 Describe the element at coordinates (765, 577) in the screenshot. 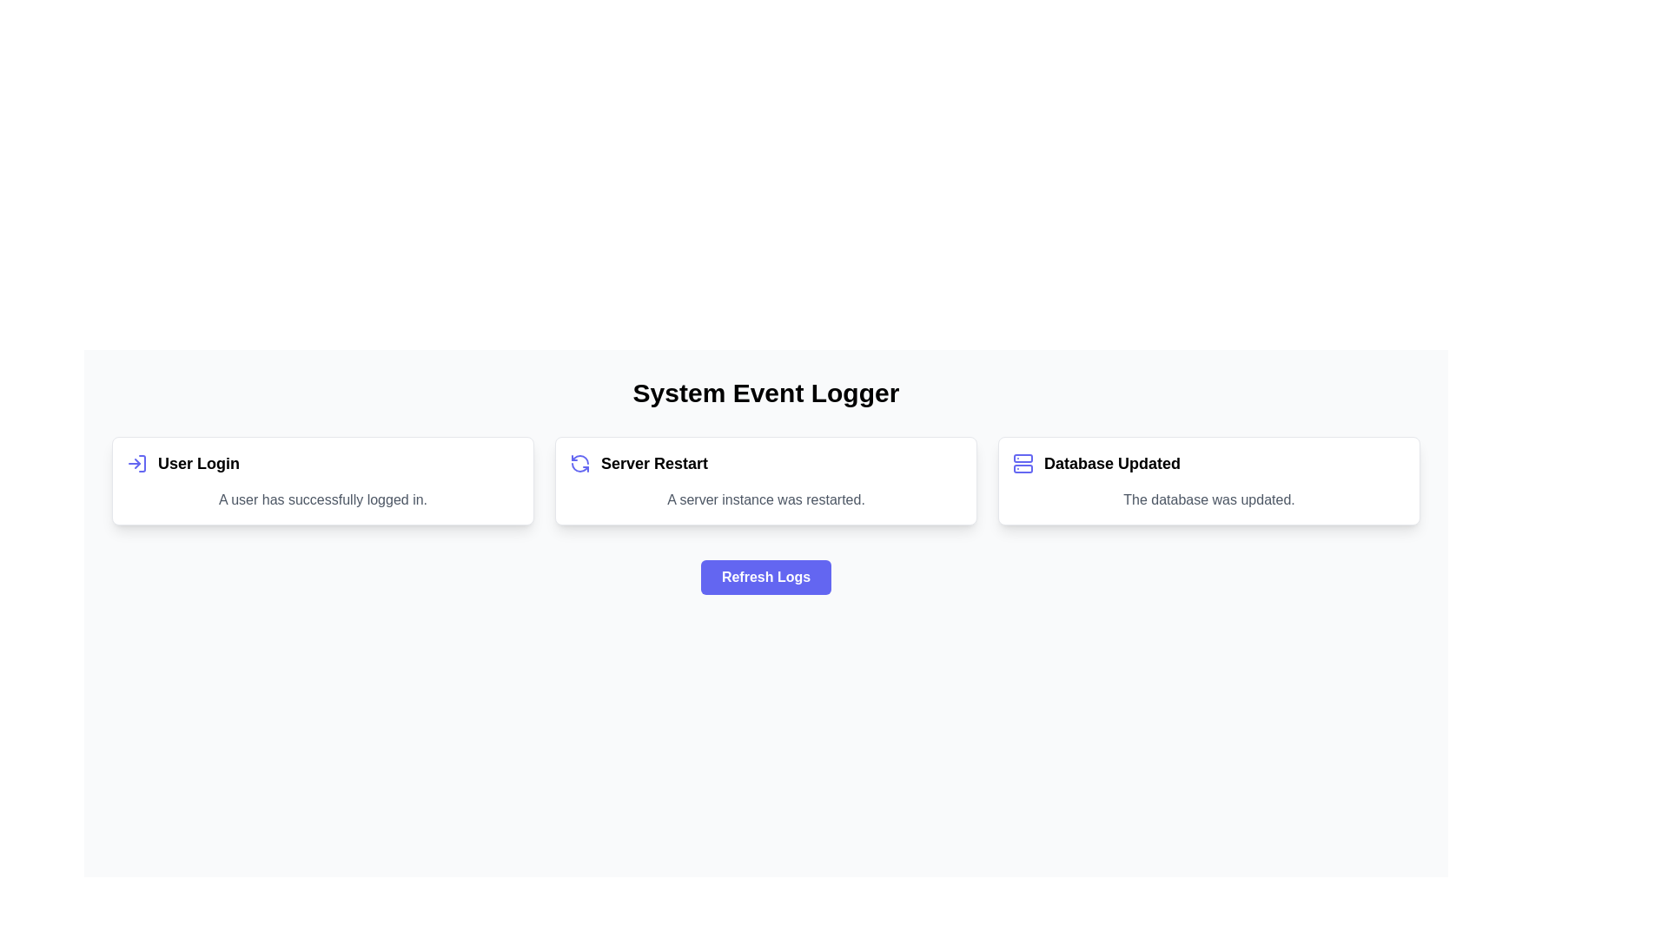

I see `the 'Refresh Logs' button, which has a vibrant indigo background, rounded corners, and white bold text, located centrally below the 'User Login', 'Server Restart', and 'Database Updated' cards` at that location.